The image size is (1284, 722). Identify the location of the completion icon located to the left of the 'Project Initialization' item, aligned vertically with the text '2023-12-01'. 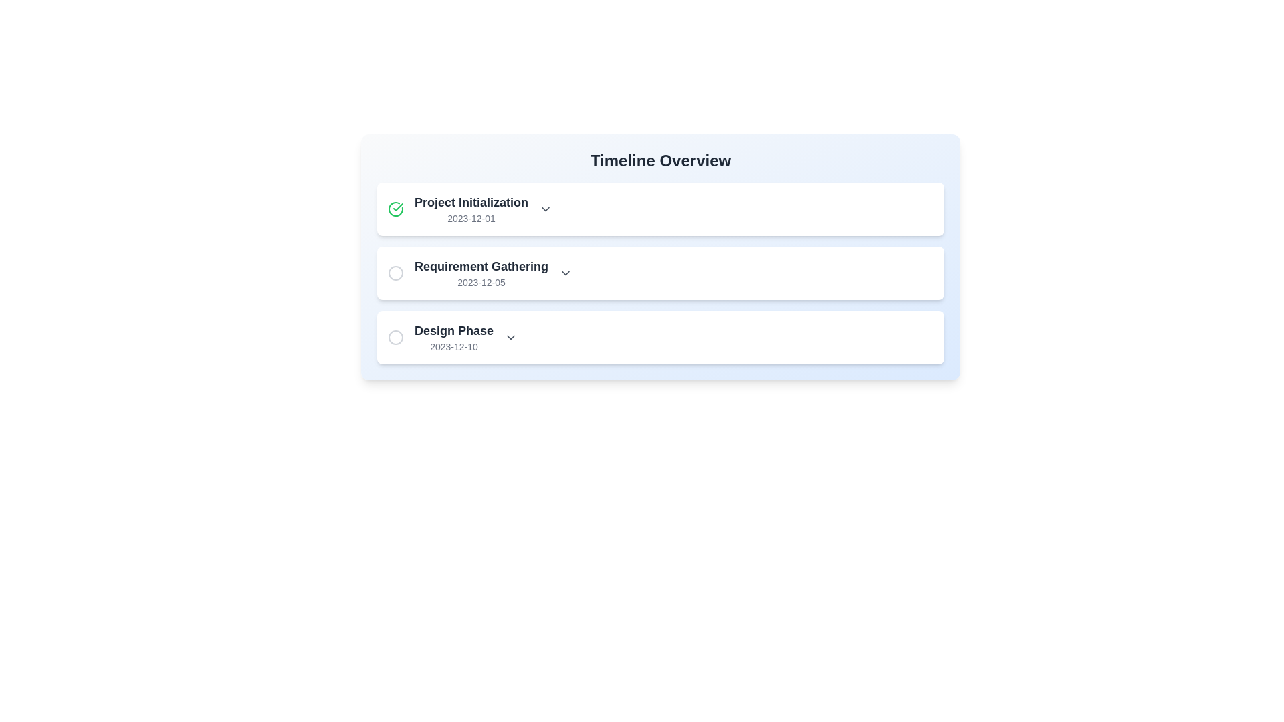
(395, 209).